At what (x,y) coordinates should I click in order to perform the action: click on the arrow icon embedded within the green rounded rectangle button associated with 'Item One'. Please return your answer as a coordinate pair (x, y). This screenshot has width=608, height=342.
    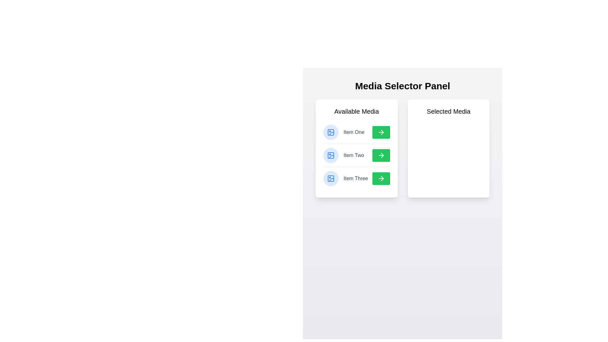
    Looking at the image, I should click on (381, 132).